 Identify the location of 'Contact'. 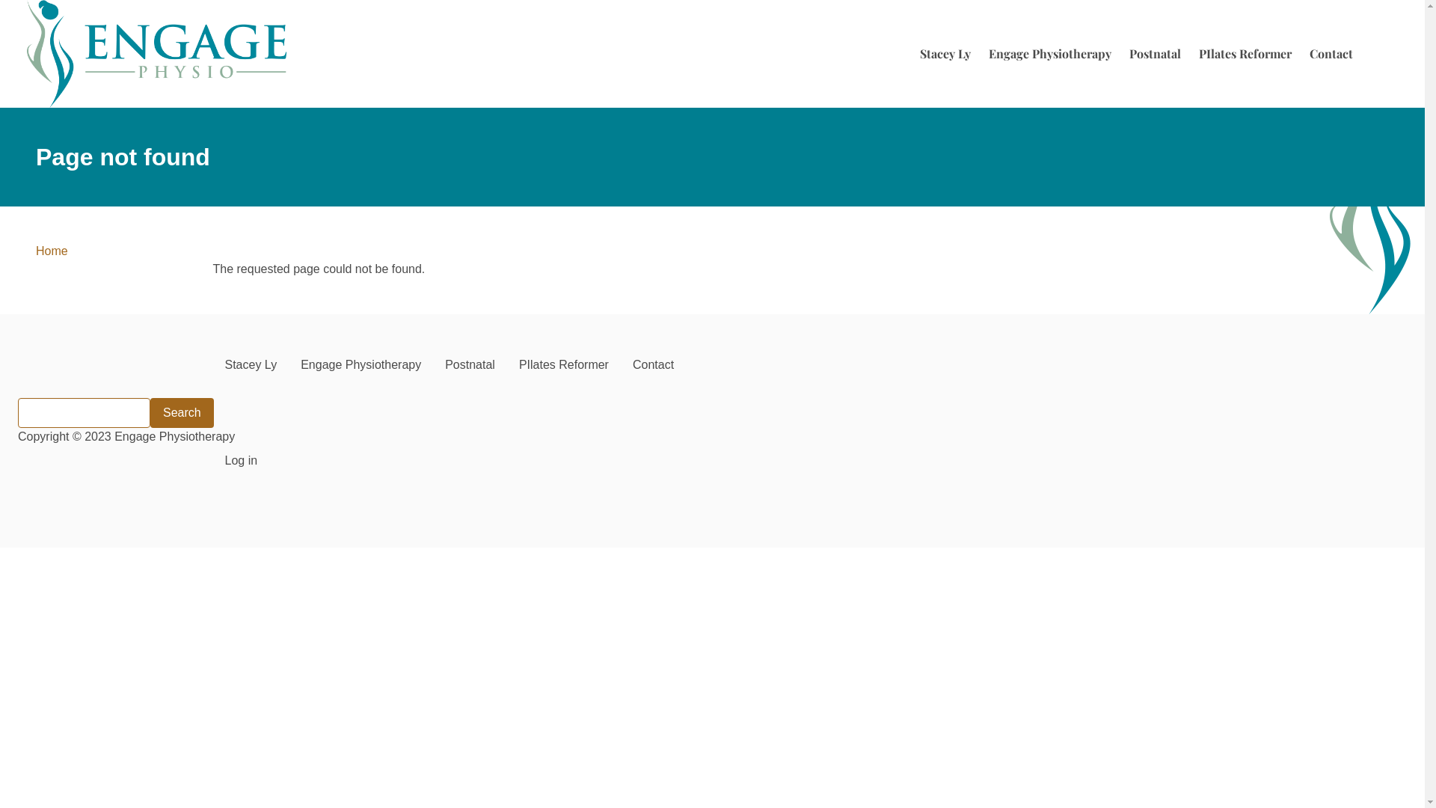
(653, 365).